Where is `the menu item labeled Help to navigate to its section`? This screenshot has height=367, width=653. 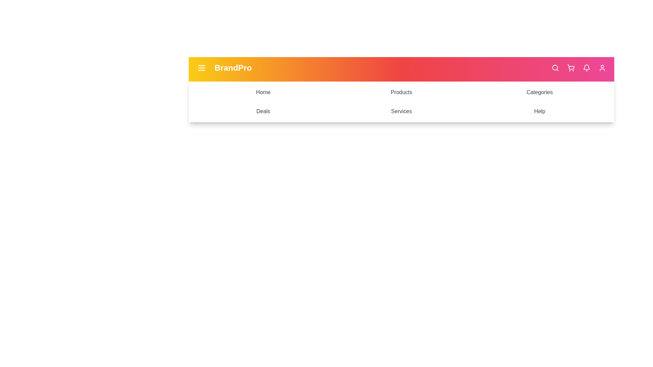
the menu item labeled Help to navigate to its section is located at coordinates (539, 111).